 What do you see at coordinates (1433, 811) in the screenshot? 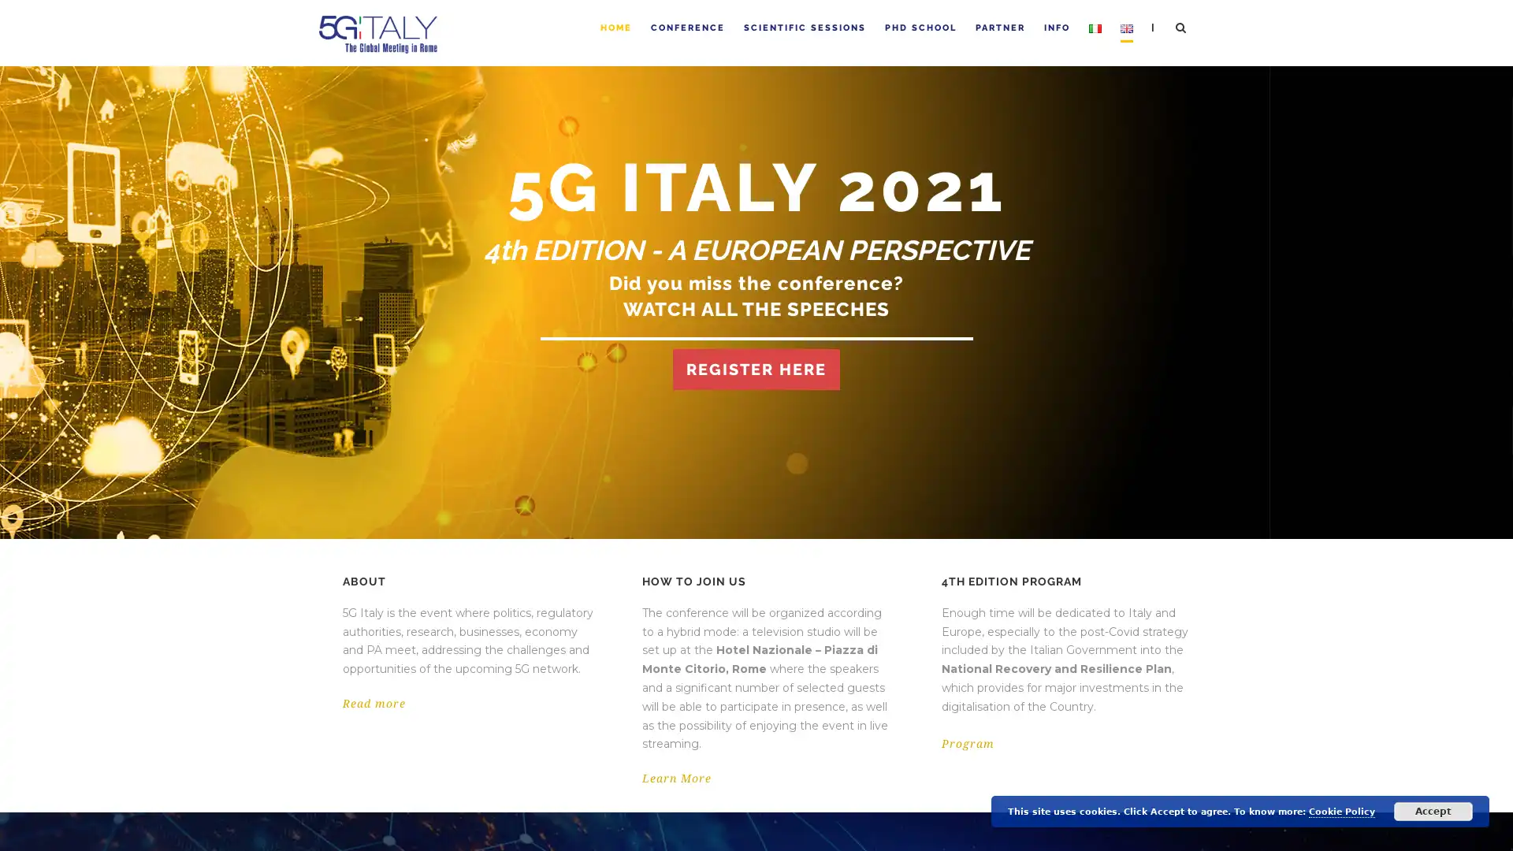
I see `Accept` at bounding box center [1433, 811].